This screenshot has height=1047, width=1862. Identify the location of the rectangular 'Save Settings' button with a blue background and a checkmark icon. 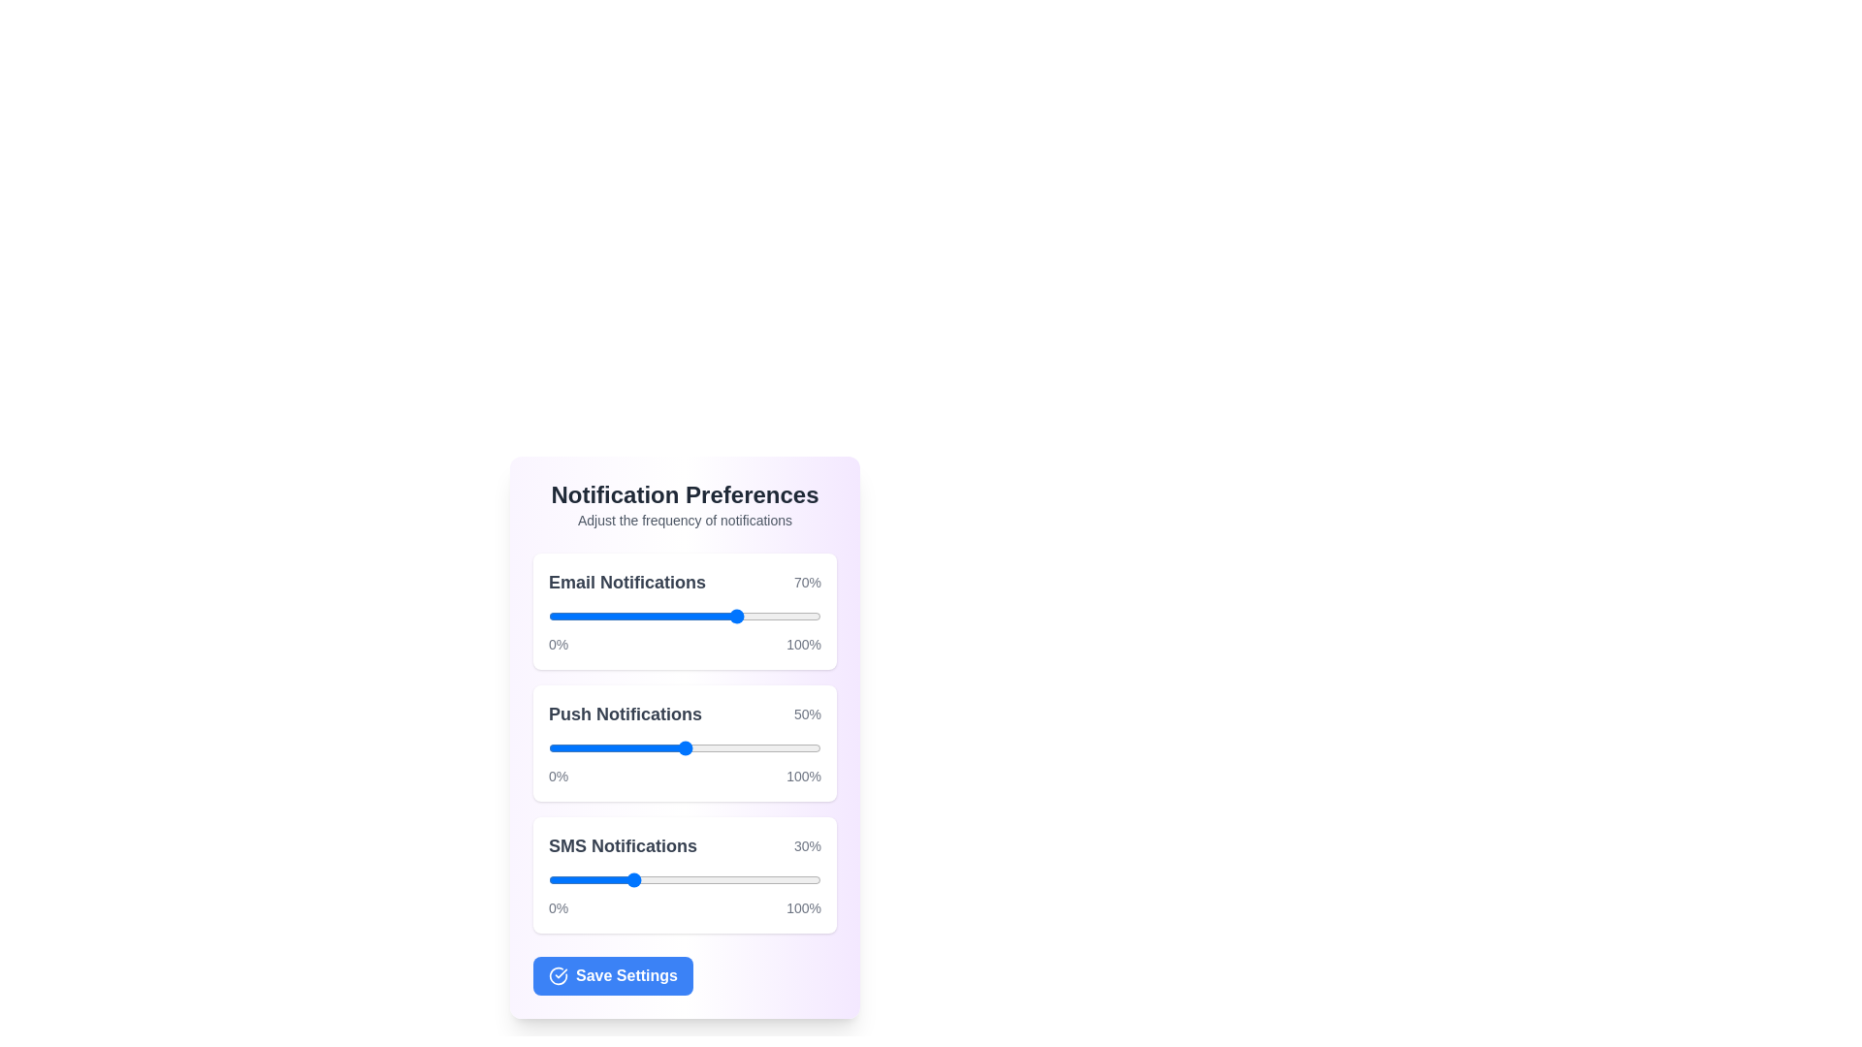
(612, 975).